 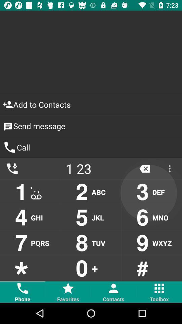 What do you see at coordinates (91, 105) in the screenshot?
I see `icon above send message item` at bounding box center [91, 105].